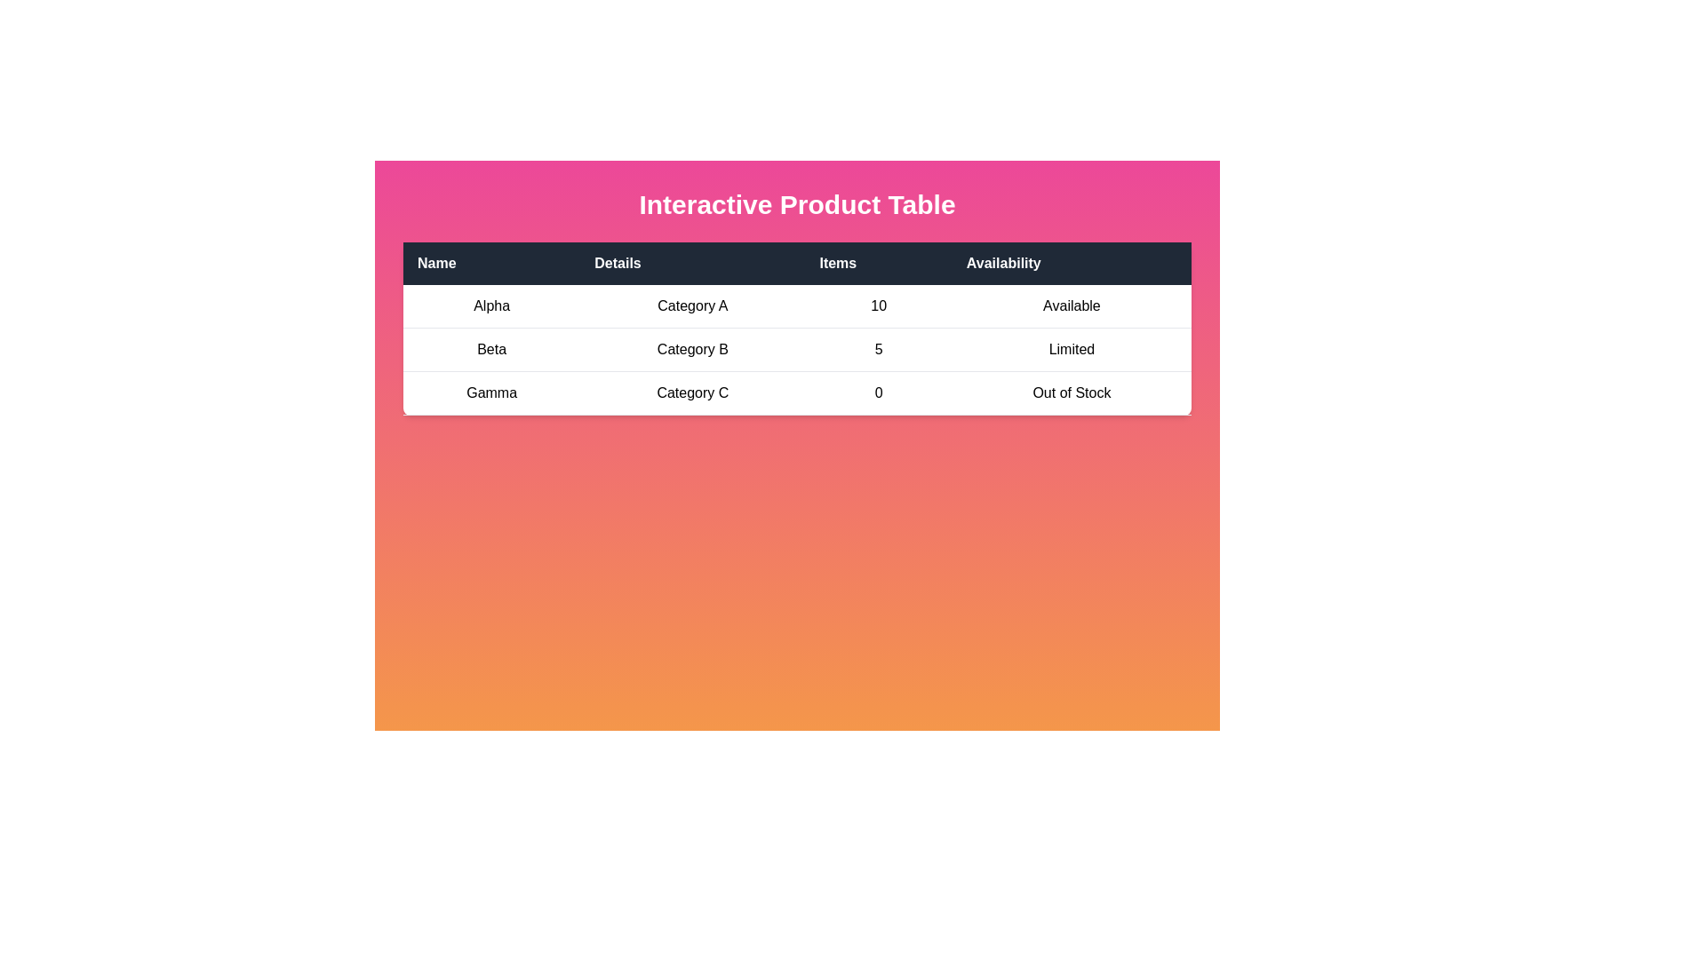 The height and width of the screenshot is (959, 1706). Describe the element at coordinates (491, 392) in the screenshot. I see `the text label displaying 'Gamma', which serves as a row header in the table located in the first column of the third row under the 'Name' column` at that location.